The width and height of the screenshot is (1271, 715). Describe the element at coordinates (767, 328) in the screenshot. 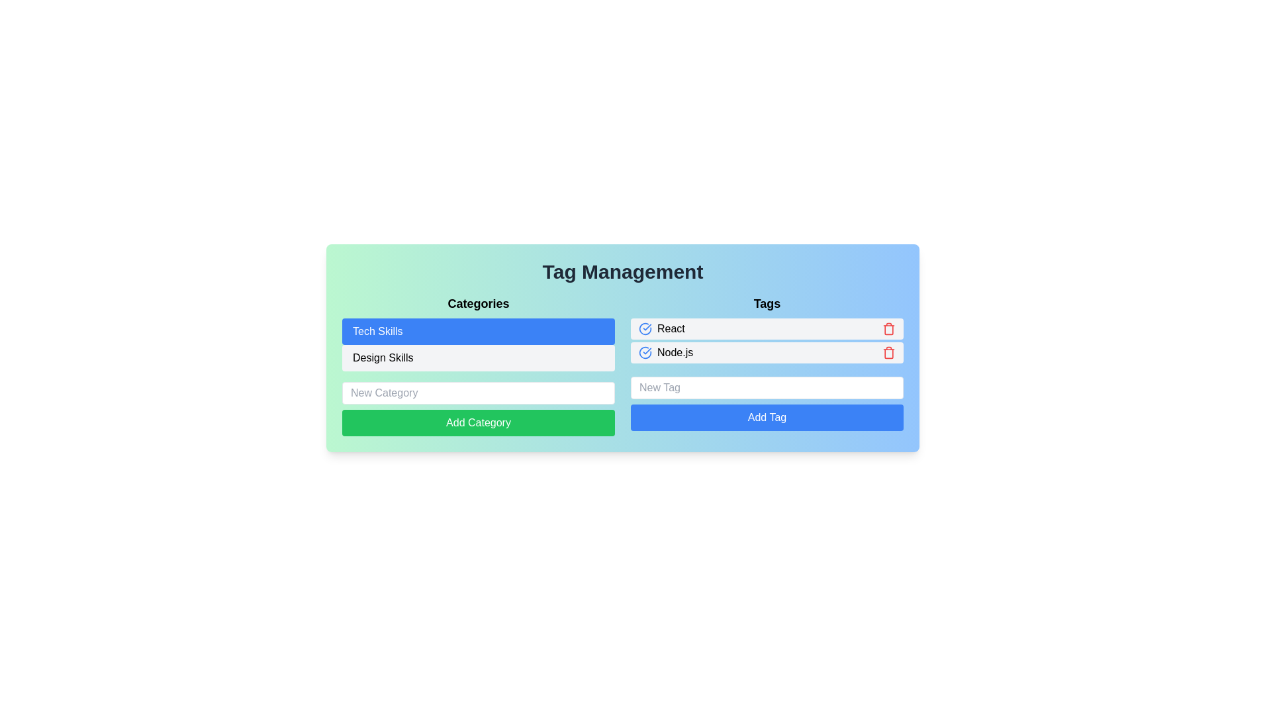

I see `the 'React' tag item in the 'Tags' section to trigger a tooltip or highlighting effect` at that location.